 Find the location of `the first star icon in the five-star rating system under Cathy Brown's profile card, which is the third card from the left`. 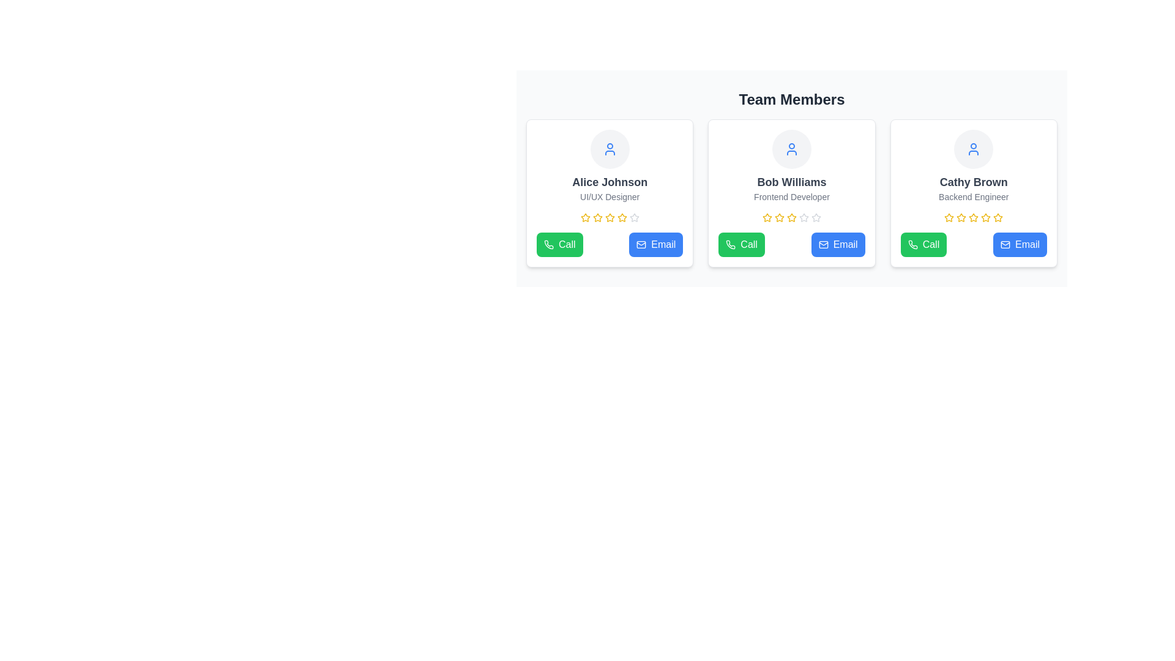

the first star icon in the five-star rating system under Cathy Brown's profile card, which is the third card from the left is located at coordinates (949, 217).